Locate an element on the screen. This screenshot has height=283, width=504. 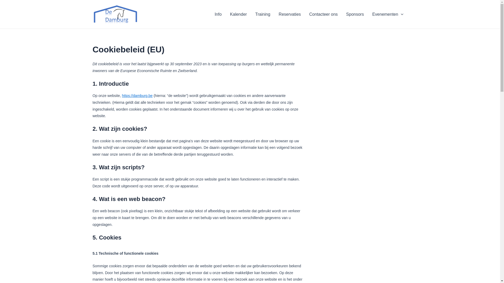
'Training' is located at coordinates (250, 14).